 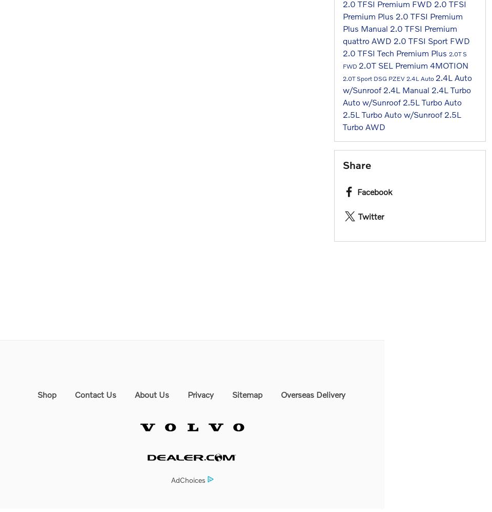 What do you see at coordinates (374, 190) in the screenshot?
I see `'Facebook'` at bounding box center [374, 190].